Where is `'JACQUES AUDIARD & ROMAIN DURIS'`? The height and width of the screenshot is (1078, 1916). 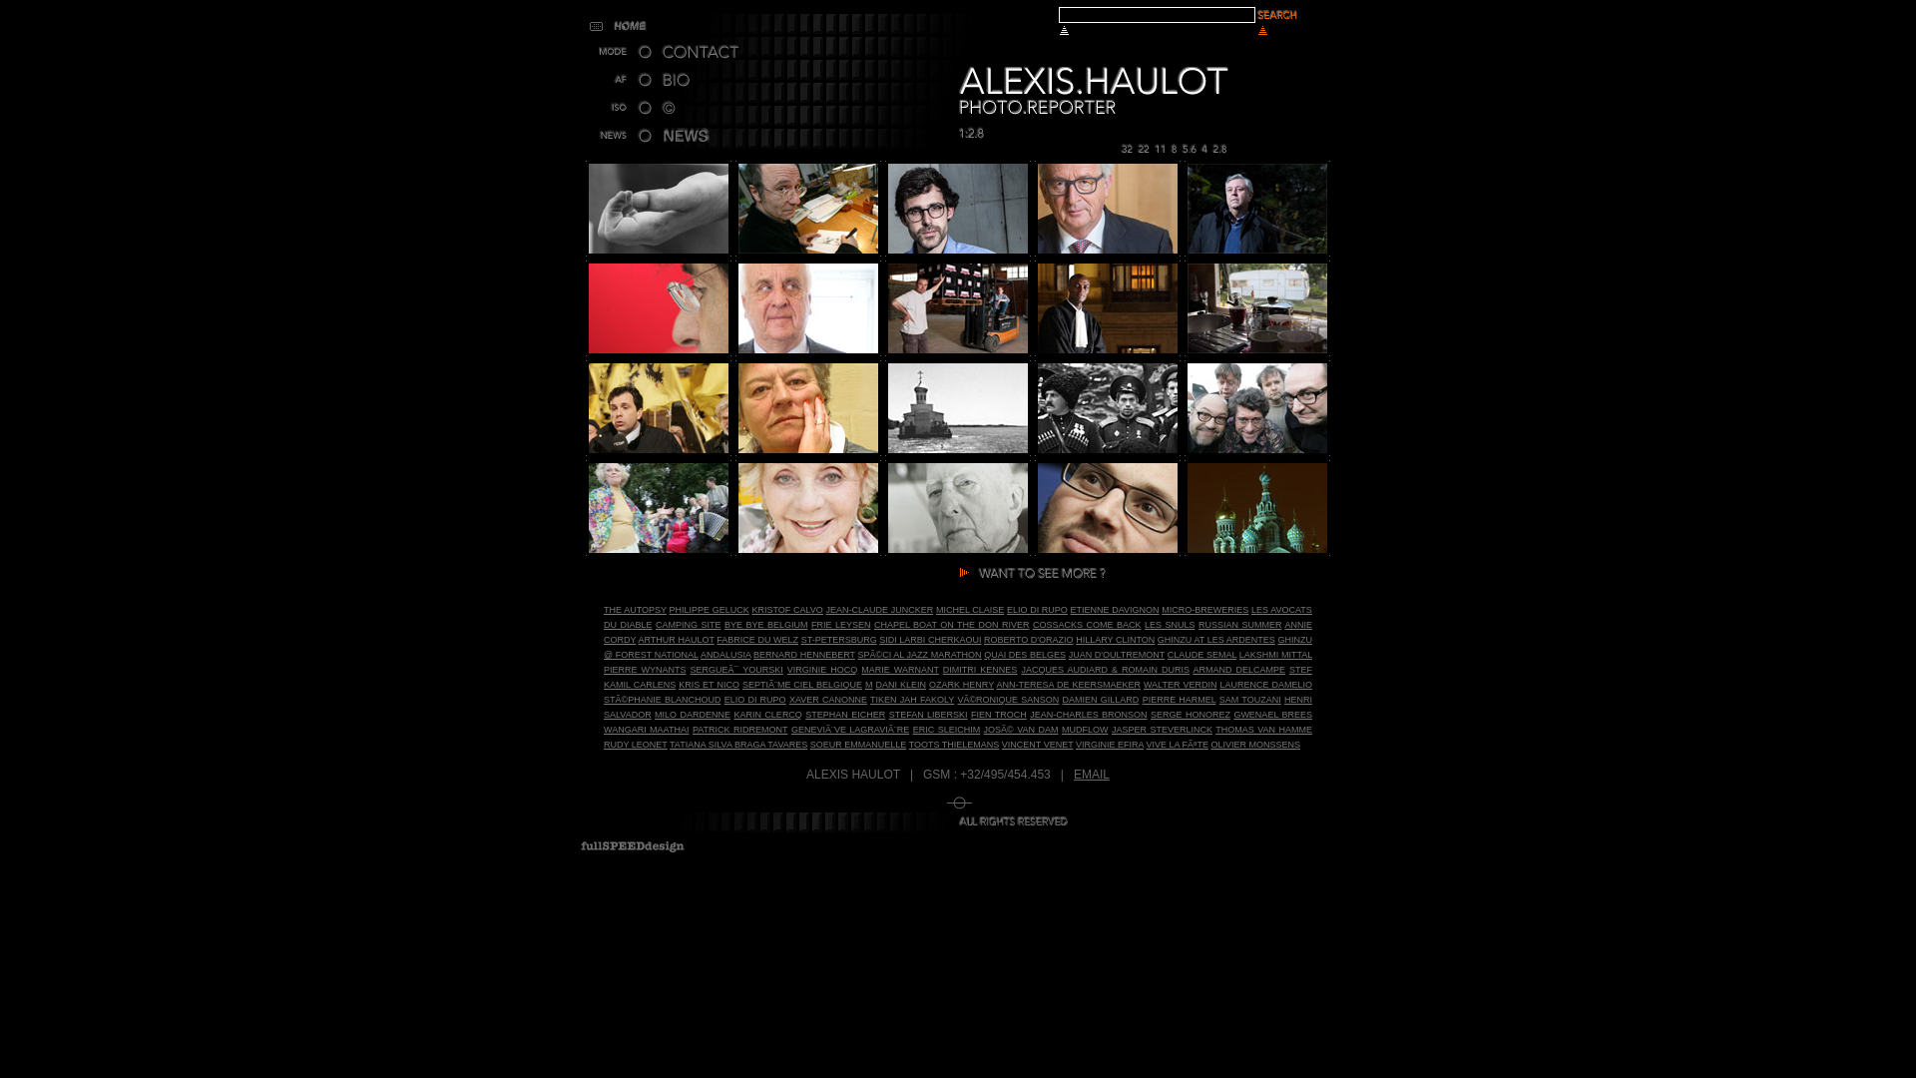 'JACQUES AUDIARD & ROMAIN DURIS' is located at coordinates (1104, 670).